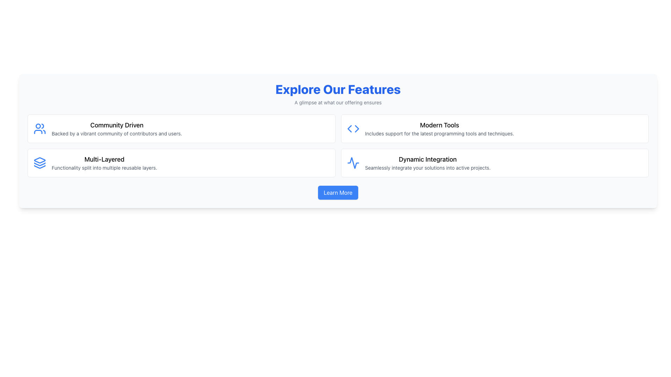 The image size is (671, 377). I want to click on displayed text in the title and description component located in the second box of the left column in the 'Explore Our Features' section, between 'Community Driven' and 'Learn More' button, so click(104, 163).